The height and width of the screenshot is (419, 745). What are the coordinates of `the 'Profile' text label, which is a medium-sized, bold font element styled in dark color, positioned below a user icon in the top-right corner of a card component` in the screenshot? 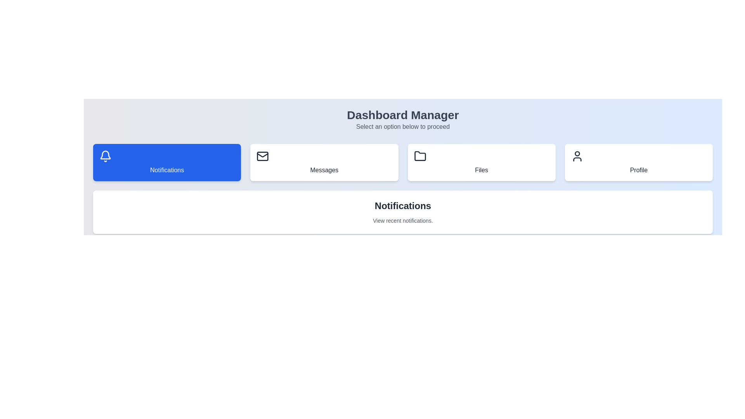 It's located at (639, 170).